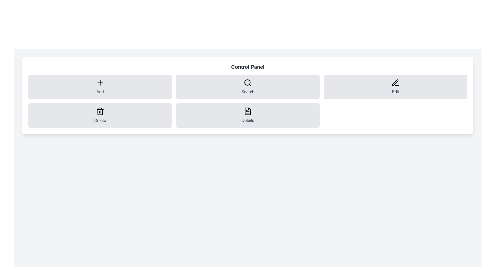 This screenshot has height=276, width=491. Describe the element at coordinates (248, 91) in the screenshot. I see `the descriptive Text Label for the search functionality, which is located in the top row center position beneath the search icon` at that location.